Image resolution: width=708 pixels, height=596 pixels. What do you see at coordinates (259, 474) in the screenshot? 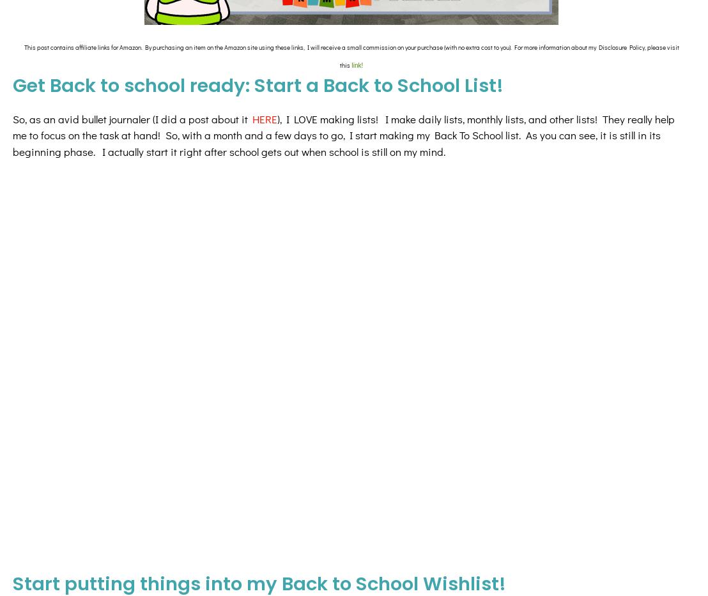
I see `'Start putting things into my Back to School Wishlist!'` at bounding box center [259, 474].